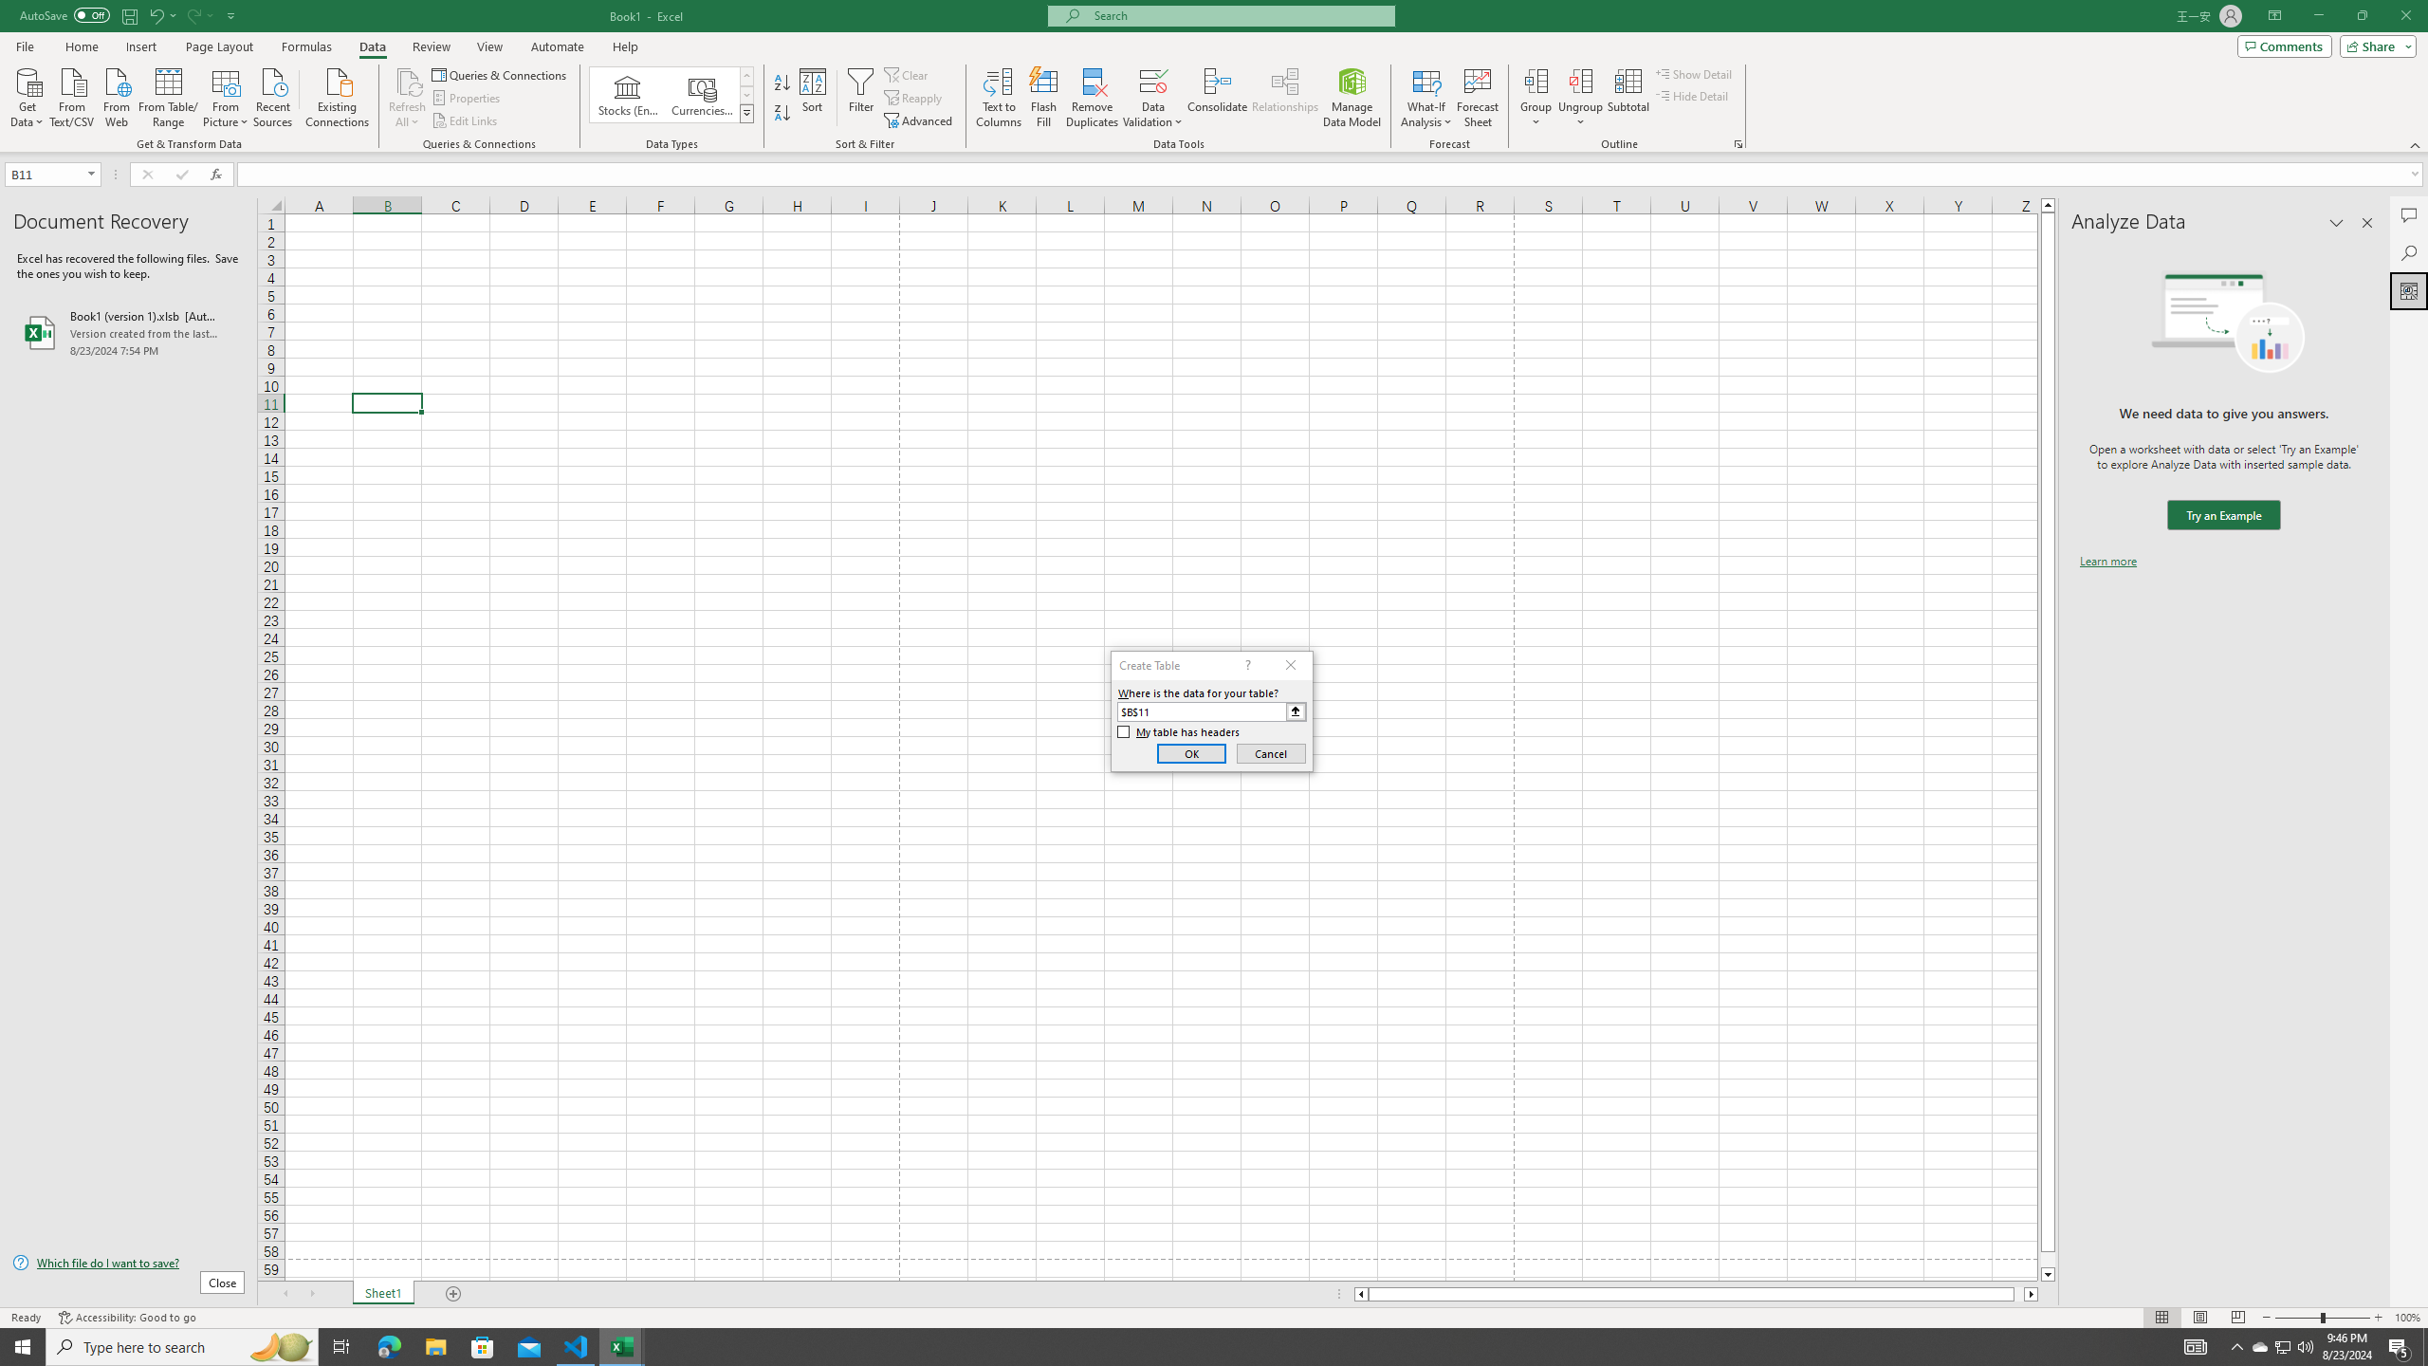  I want to click on 'Show Detail', so click(1693, 73).